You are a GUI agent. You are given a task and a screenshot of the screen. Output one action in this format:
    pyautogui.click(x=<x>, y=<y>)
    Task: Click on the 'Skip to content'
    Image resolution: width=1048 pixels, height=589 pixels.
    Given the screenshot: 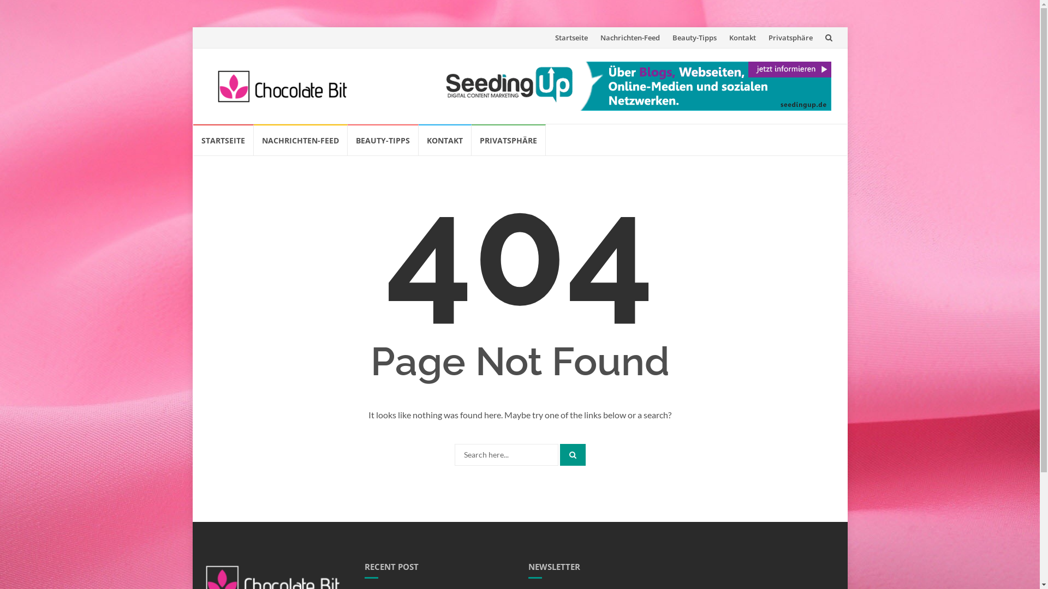 What is the action you would take?
    pyautogui.click(x=192, y=123)
    